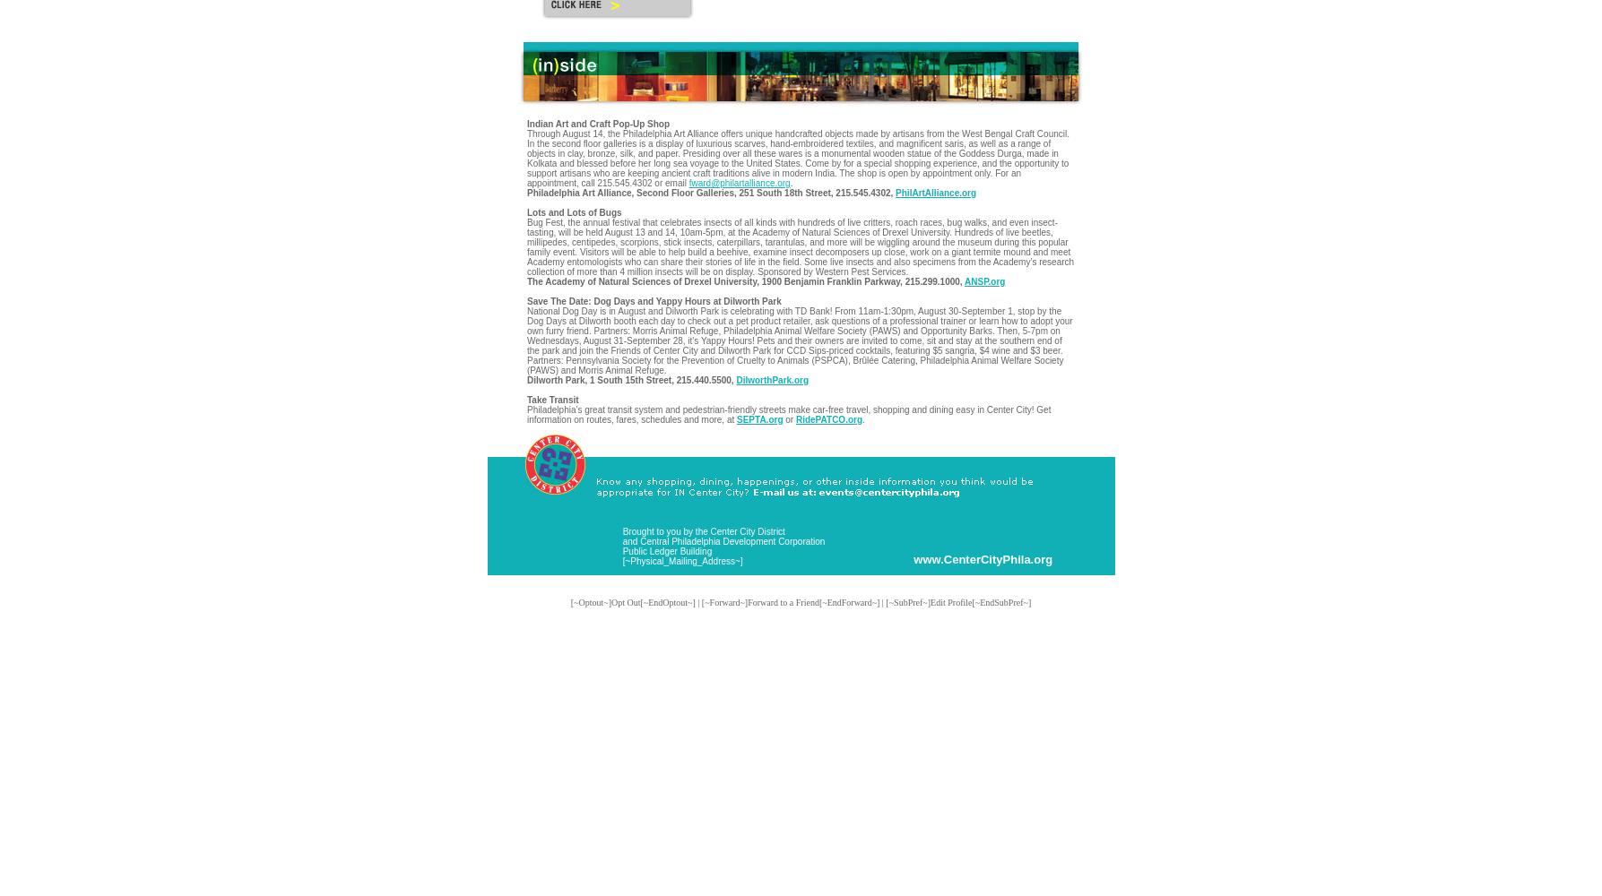  I want to click on 'Indian Art and Craft Pop-Up Shop', so click(597, 124).